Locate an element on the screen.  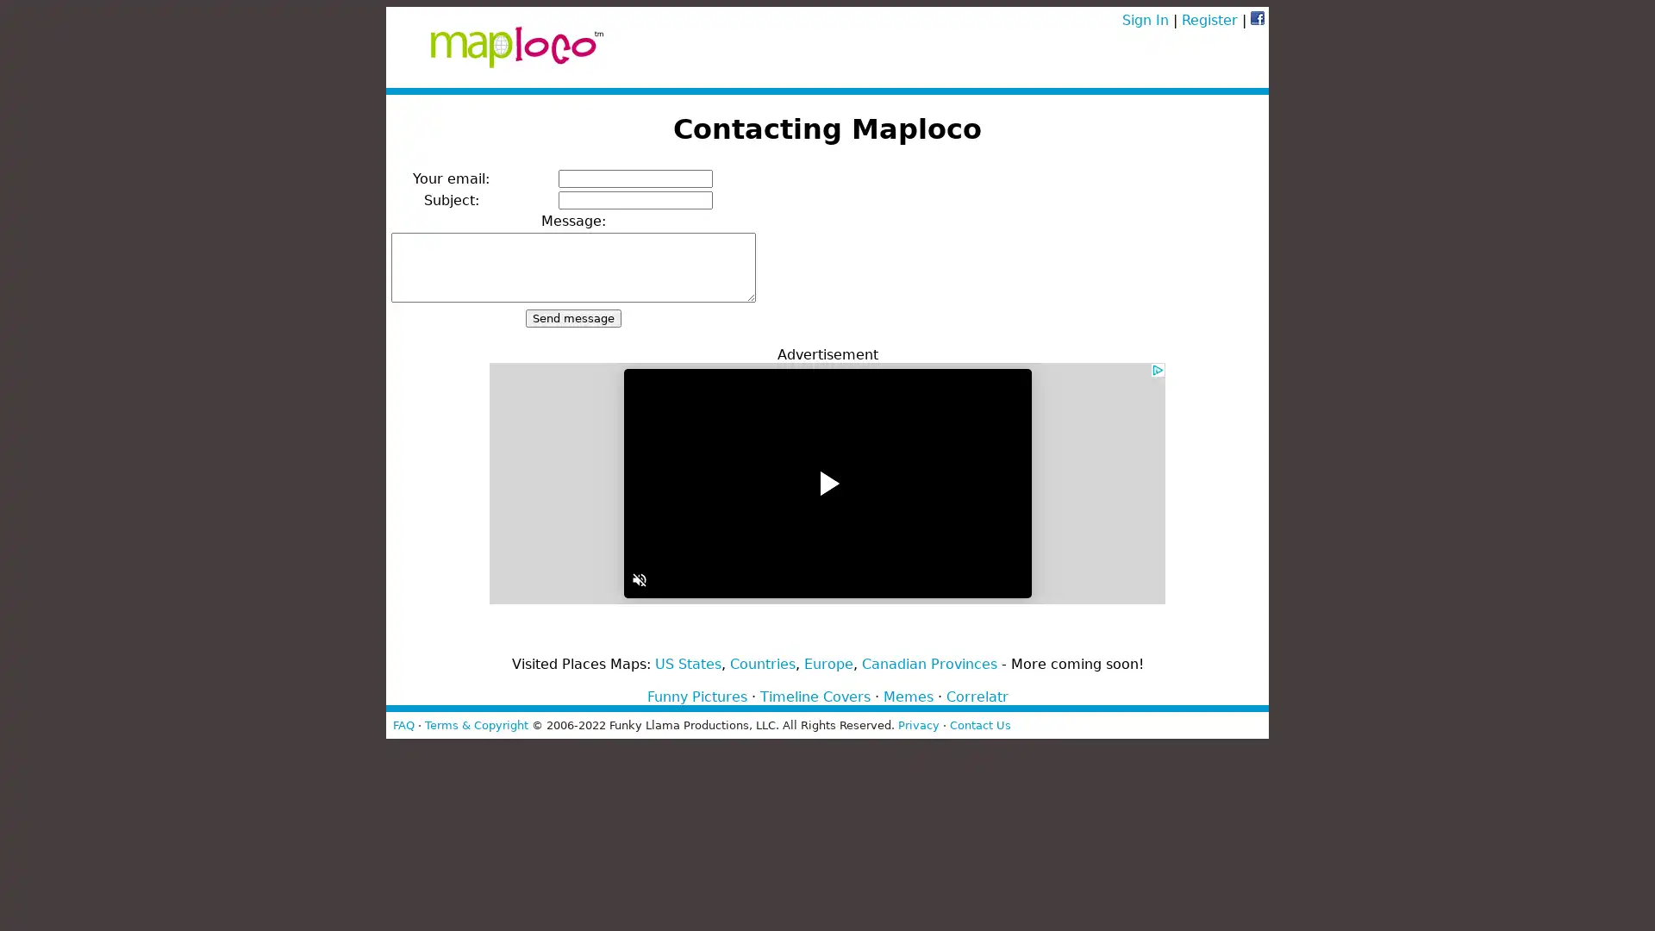
Send message is located at coordinates (573, 317).